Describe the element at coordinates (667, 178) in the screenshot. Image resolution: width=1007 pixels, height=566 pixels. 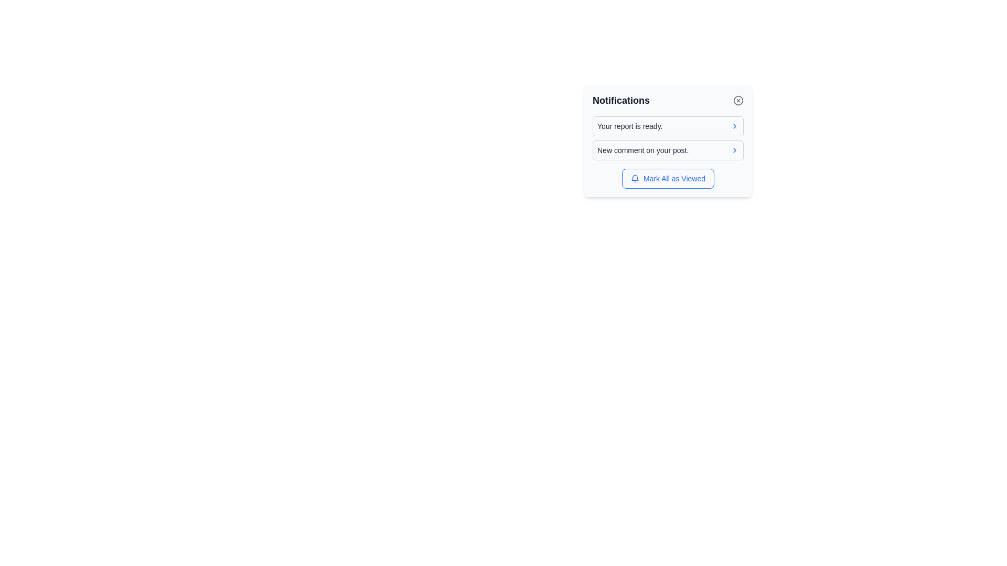
I see `the 'Mark All as Viewed' button with a blue border and bell icon` at that location.